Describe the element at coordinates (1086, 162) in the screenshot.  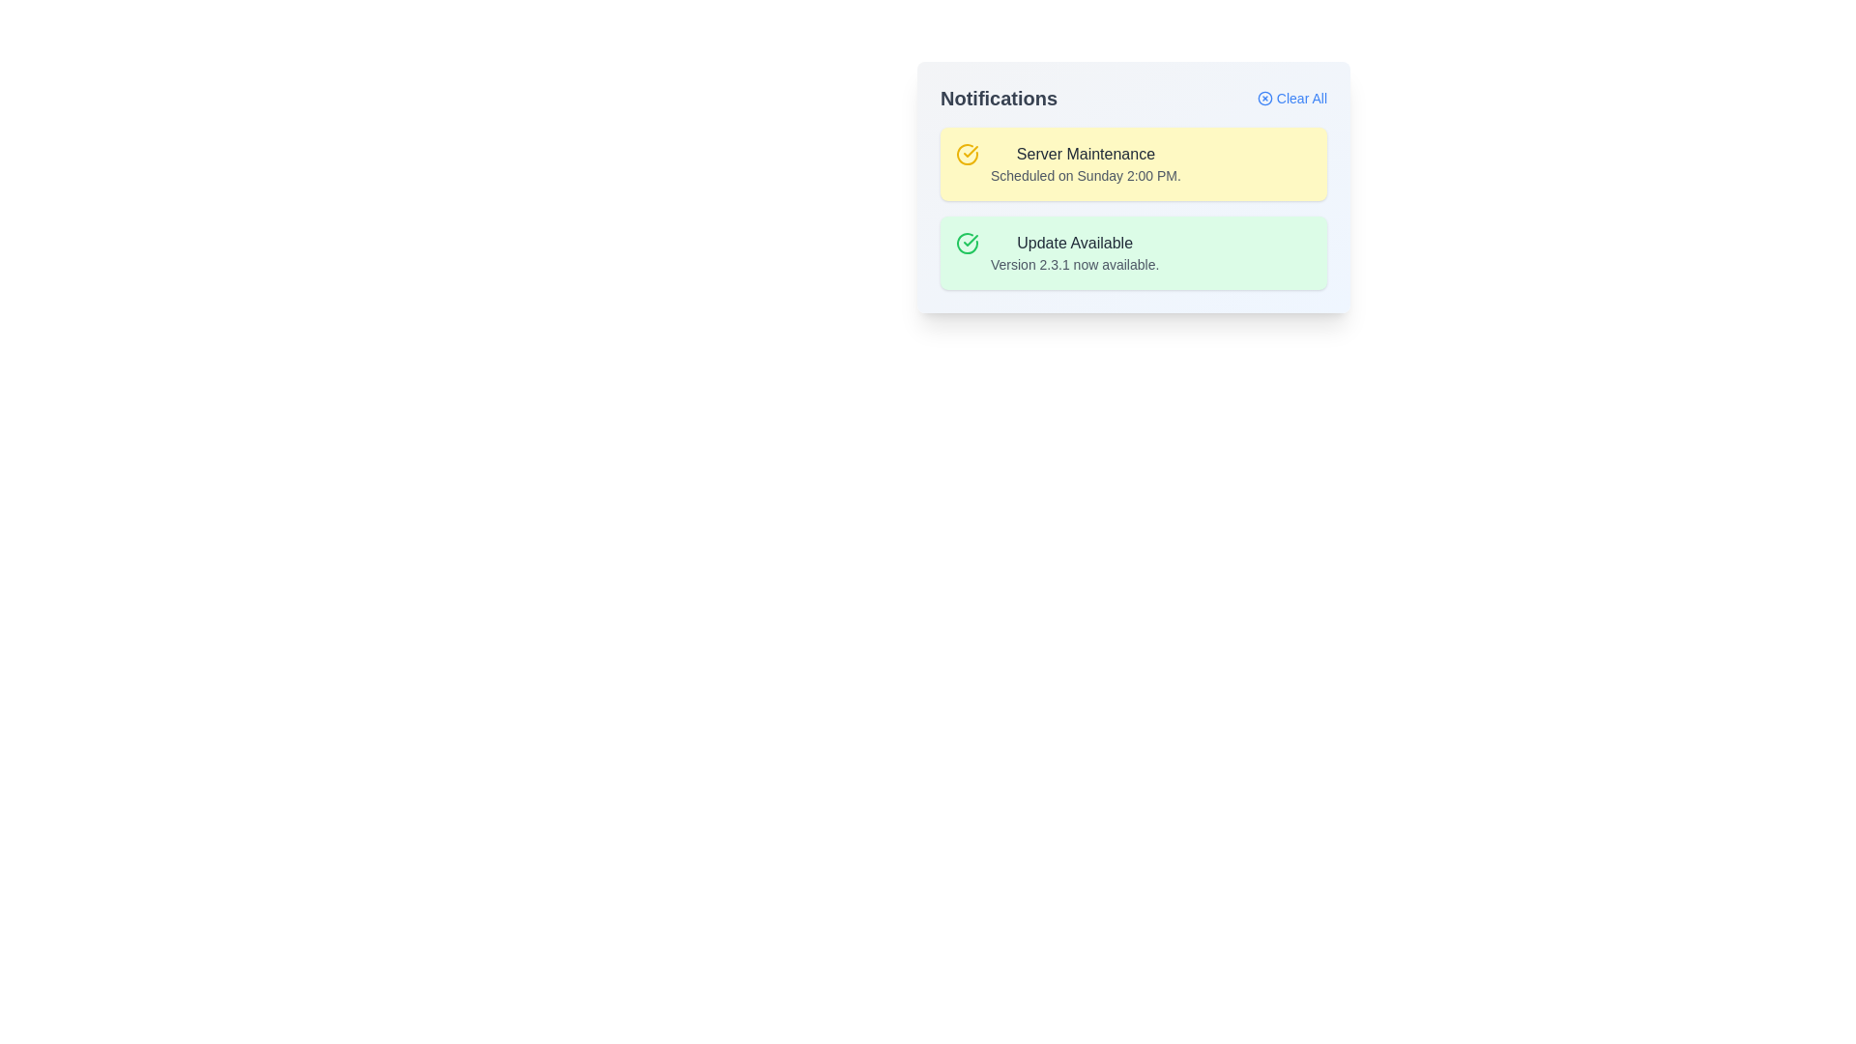
I see `the notification message about the scheduled server maintenance event, located in the first notification item within the notification center` at that location.